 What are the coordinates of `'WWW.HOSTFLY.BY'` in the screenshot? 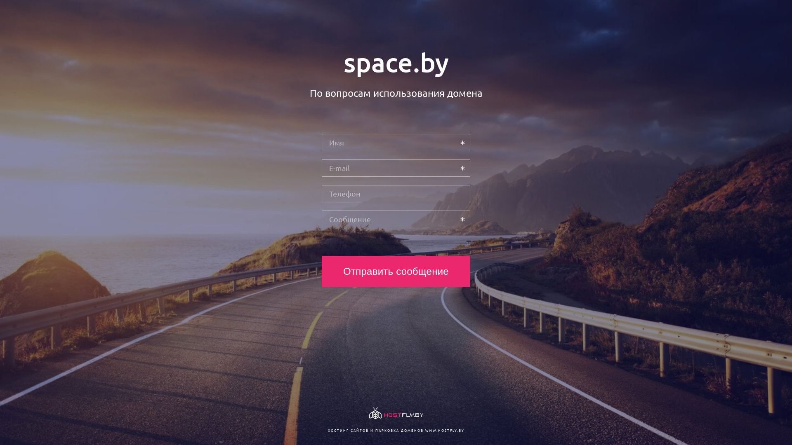 It's located at (444, 430).